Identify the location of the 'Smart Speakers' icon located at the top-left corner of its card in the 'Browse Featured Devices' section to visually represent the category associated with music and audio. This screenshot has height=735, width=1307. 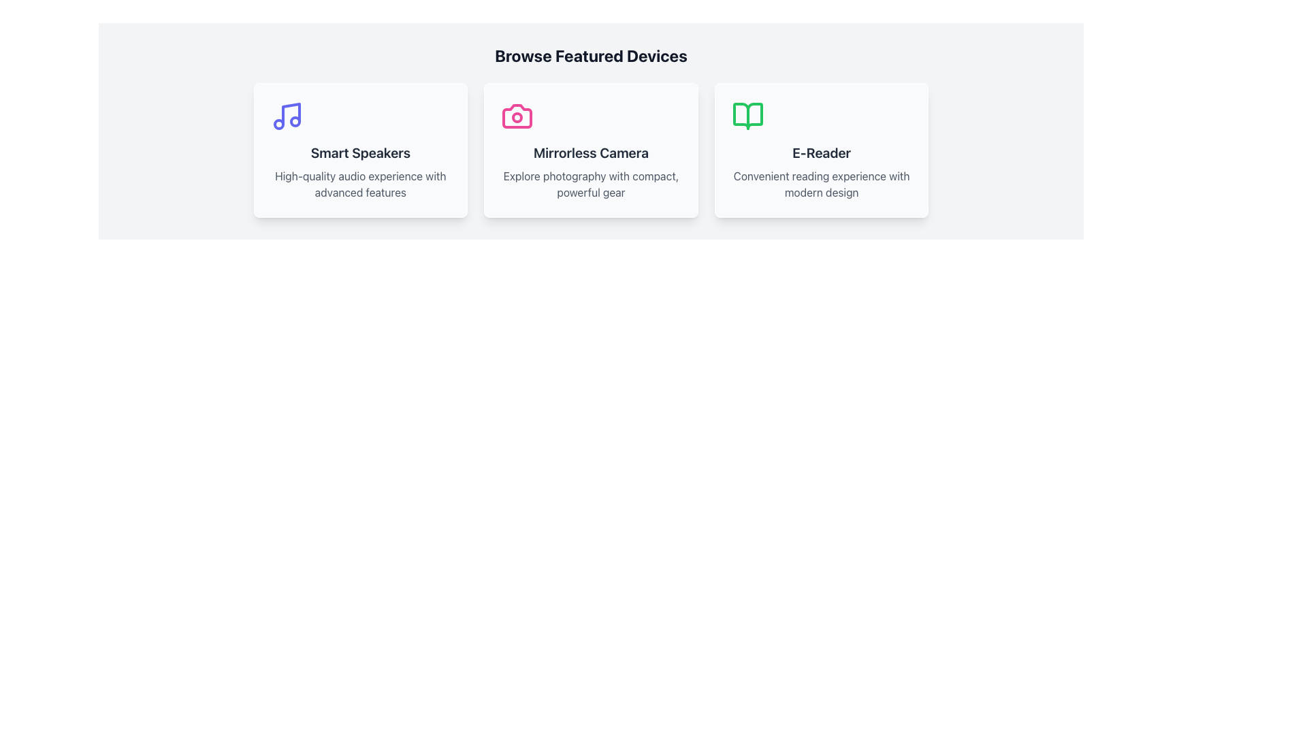
(286, 115).